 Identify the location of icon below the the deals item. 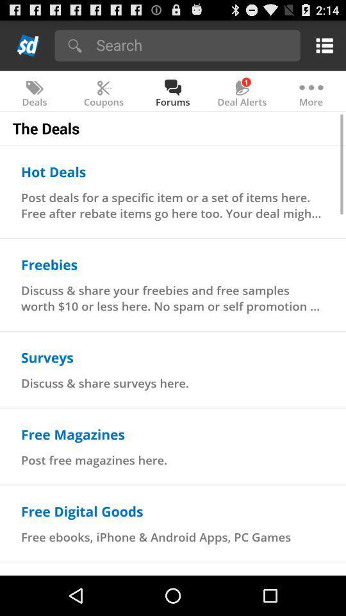
(53, 171).